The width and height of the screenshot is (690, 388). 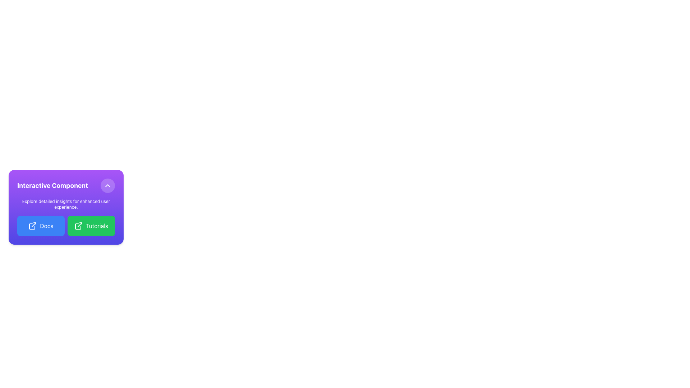 What do you see at coordinates (66, 225) in the screenshot?
I see `the green button labeled 'Tutorials' in the grid of interactive buttons` at bounding box center [66, 225].